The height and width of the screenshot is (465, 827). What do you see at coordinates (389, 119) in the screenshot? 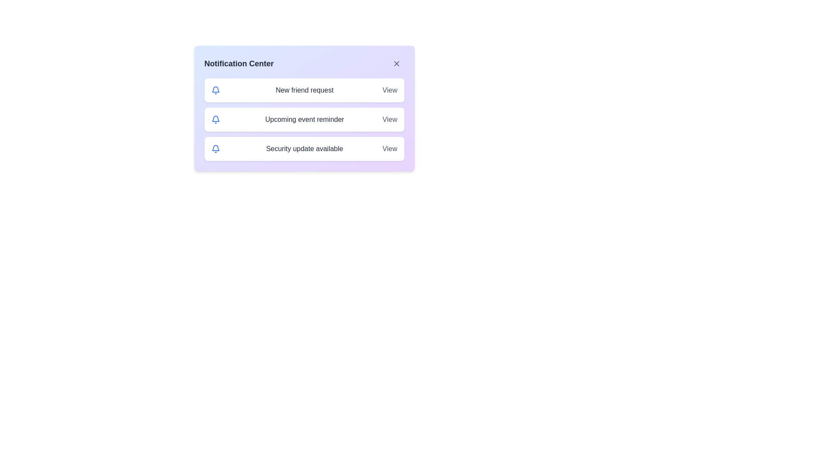
I see `'View' button corresponding to the notification Upcoming event reminder` at bounding box center [389, 119].